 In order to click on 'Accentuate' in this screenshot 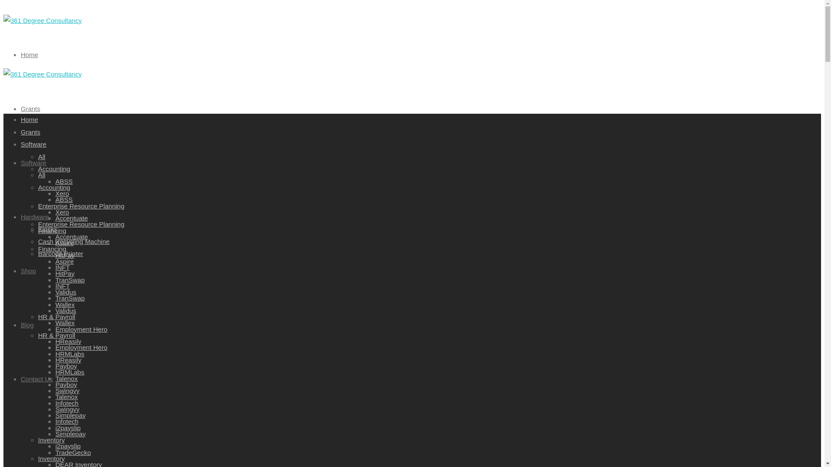, I will do `click(71, 236)`.